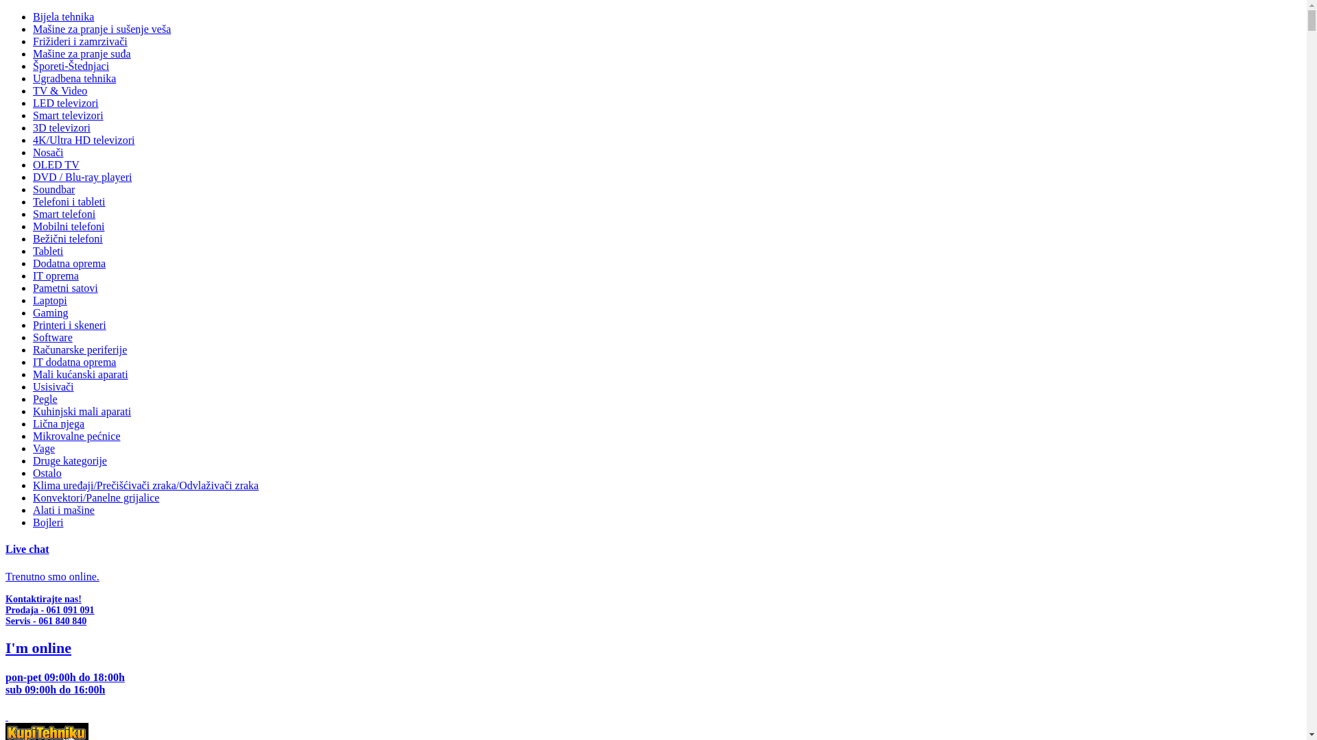  What do you see at coordinates (48, 522) in the screenshot?
I see `'Bojleri'` at bounding box center [48, 522].